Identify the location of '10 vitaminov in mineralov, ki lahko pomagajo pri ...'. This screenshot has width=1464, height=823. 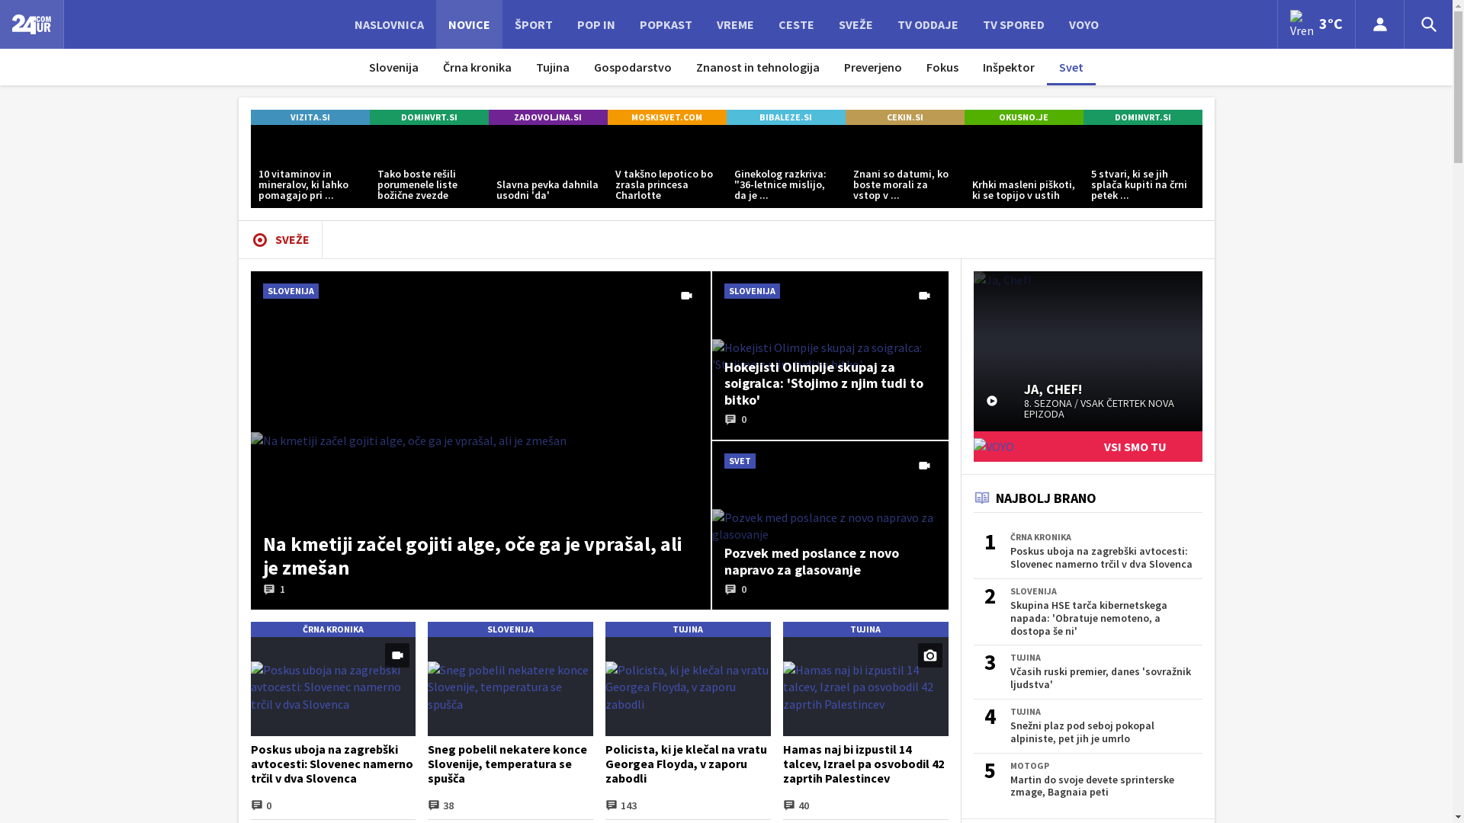
(249, 166).